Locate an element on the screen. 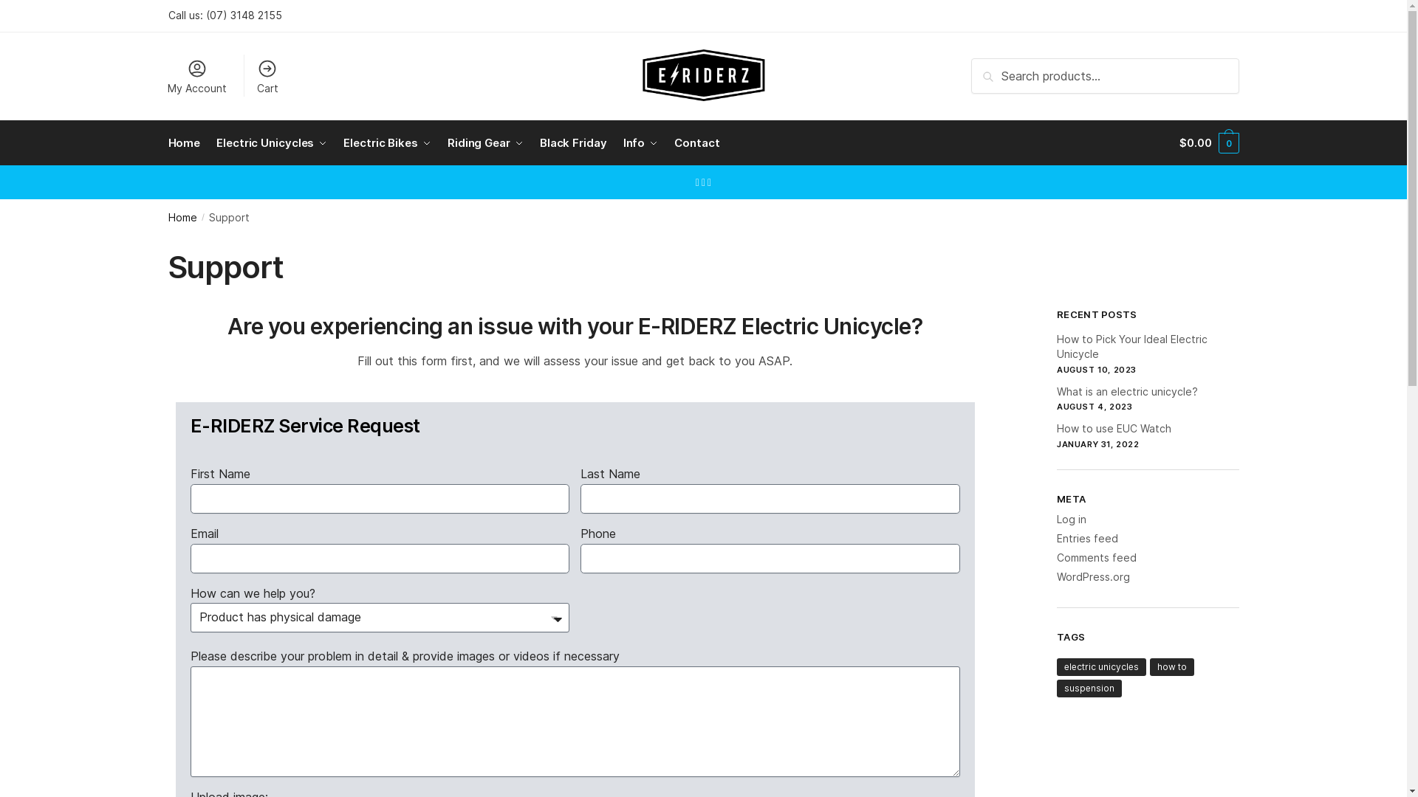 This screenshot has height=797, width=1418. 'Black Friday' is located at coordinates (533, 142).